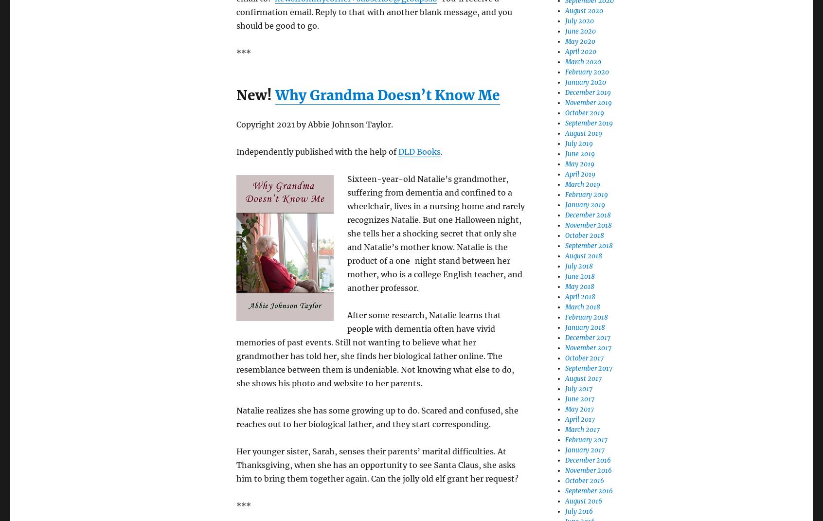 The image size is (823, 521). What do you see at coordinates (235, 94) in the screenshot?
I see `'New!'` at bounding box center [235, 94].